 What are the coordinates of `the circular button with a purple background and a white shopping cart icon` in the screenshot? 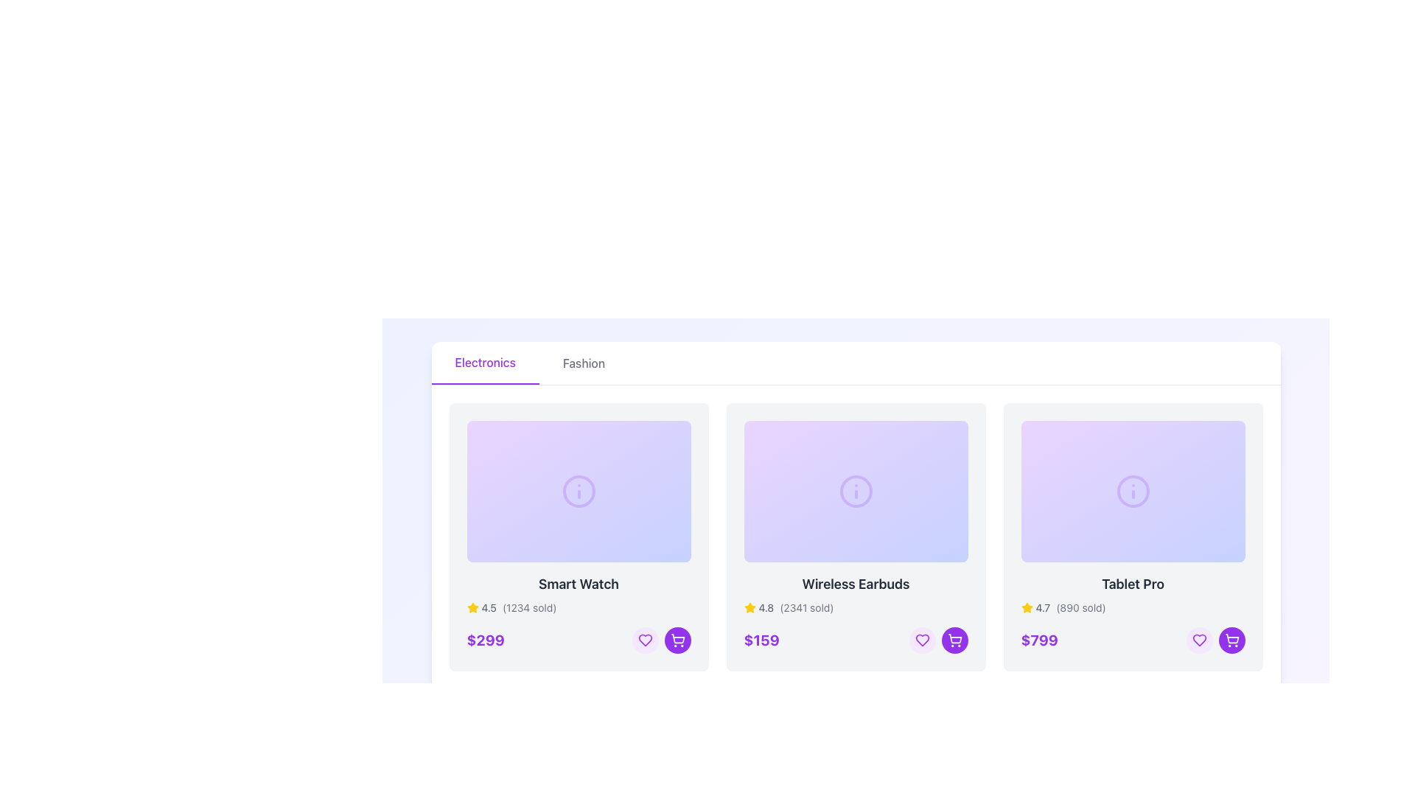 It's located at (954, 639).